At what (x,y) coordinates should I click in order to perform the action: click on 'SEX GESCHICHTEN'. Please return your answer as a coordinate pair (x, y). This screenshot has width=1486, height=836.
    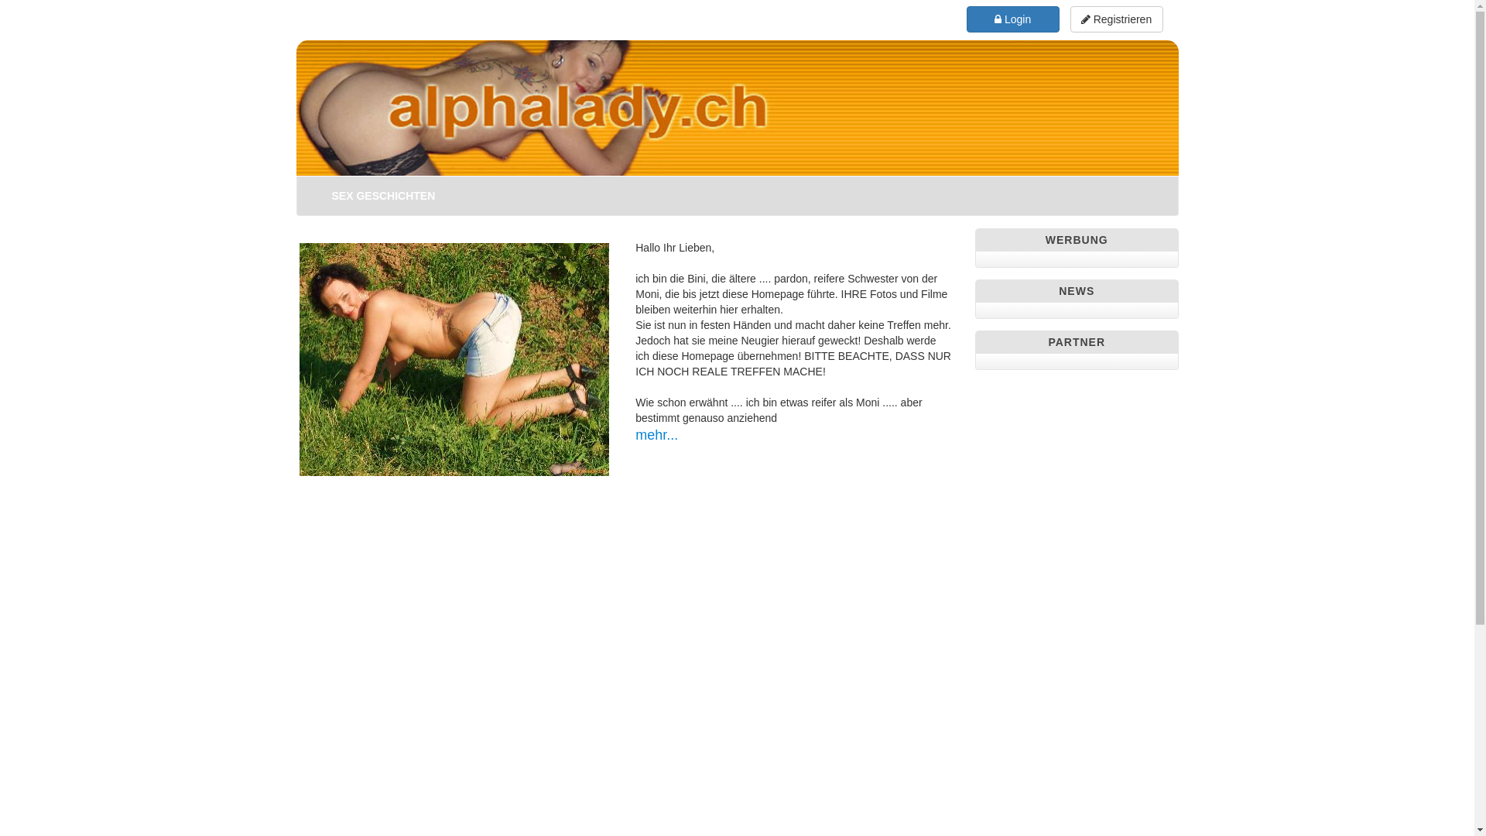
    Looking at the image, I should click on (319, 195).